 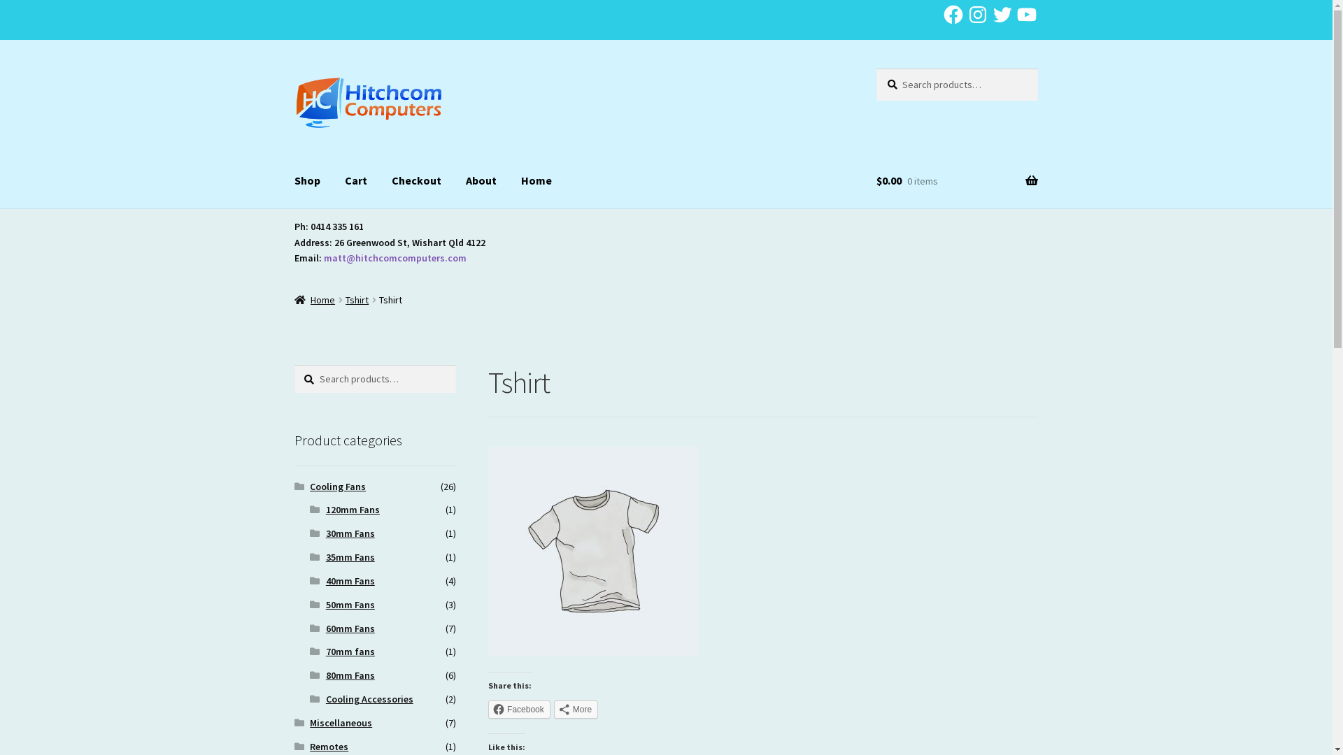 I want to click on '70mm fans', so click(x=350, y=652).